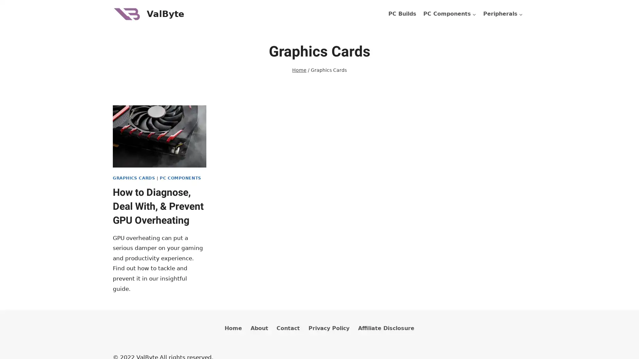  I want to click on Expand child menu, so click(503, 14).